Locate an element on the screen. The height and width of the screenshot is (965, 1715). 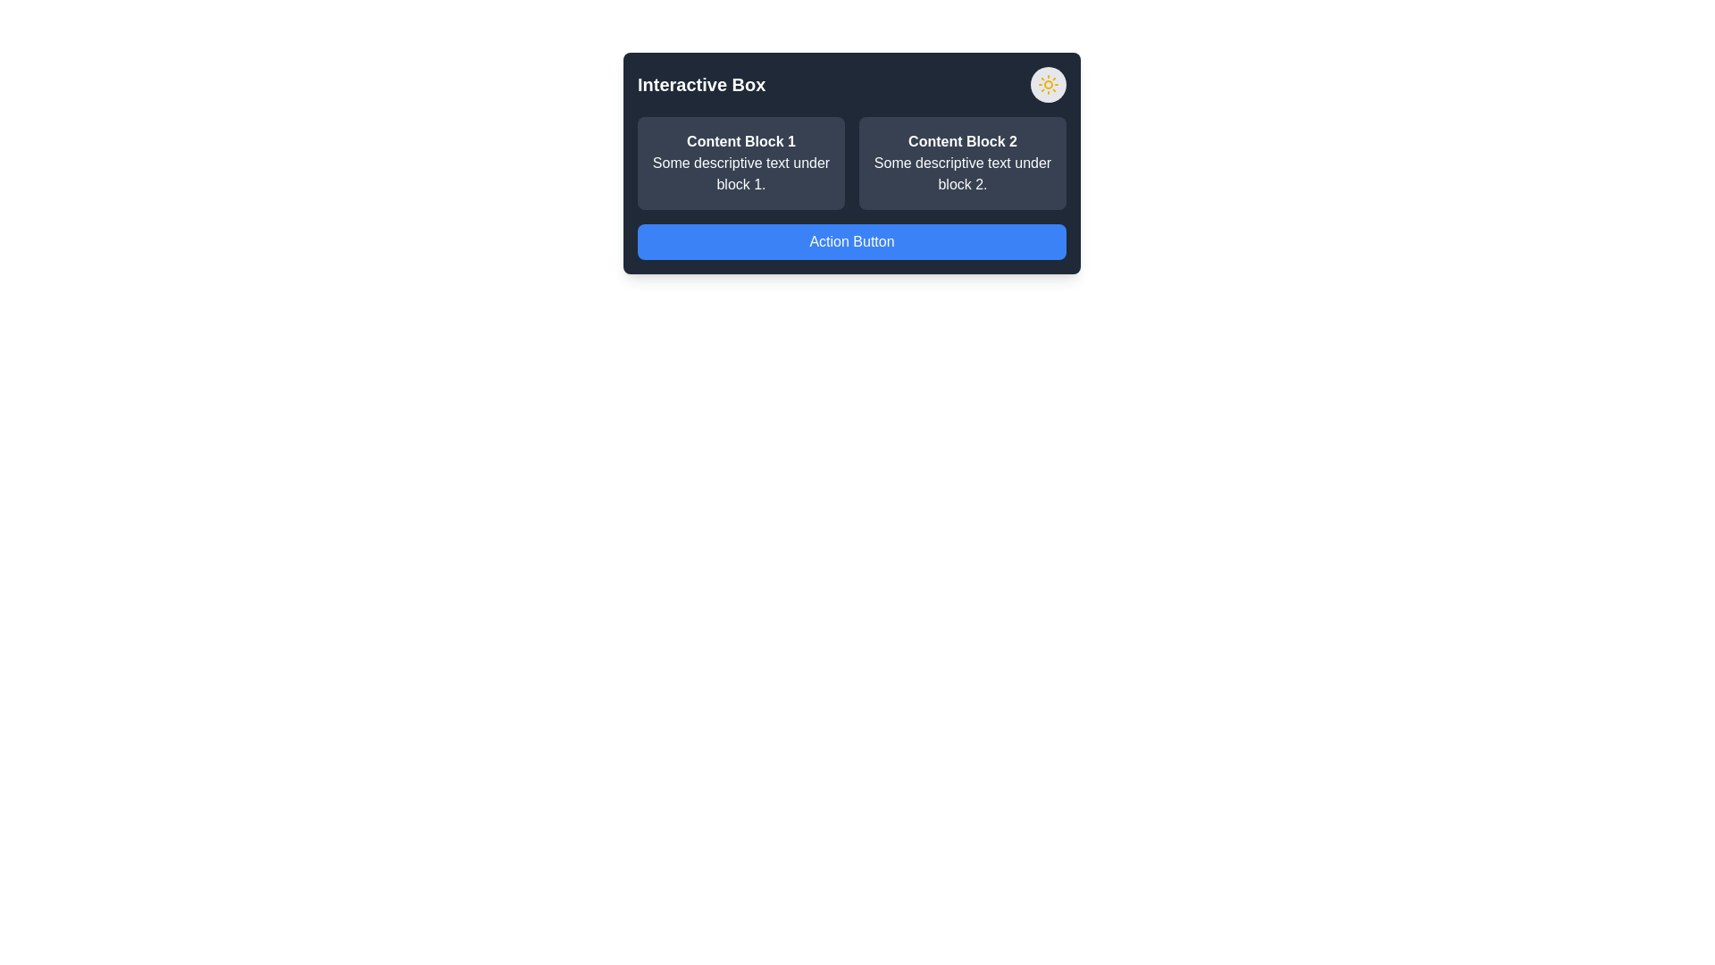
the static text header displaying 'Content Block 2' in bold white font within the dark gray rectangular box, located in the upper part of the right column of the 'Interactive Box' is located at coordinates (962, 140).